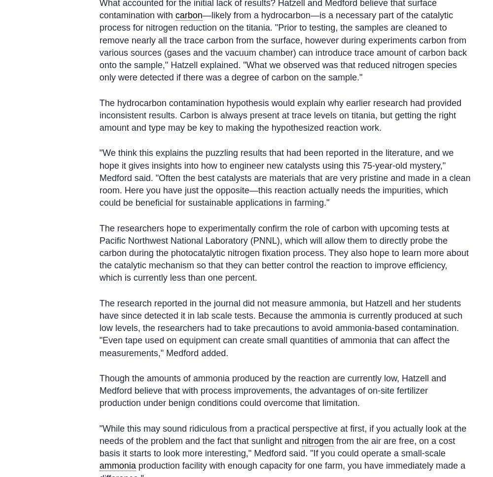  What do you see at coordinates (282, 46) in the screenshot?
I see `'—likely from a hydrocarbon—is a necessary part of the catalytic process for nitrogen reduction on the titania. "Prior to testing, the samples are cleaned to remove nearly all the trace carbon from the surface, however during experiments carbon from various sources (gases and the vacuum chamber) can introduce trace amount of carbon back onto the sample," Hatzell explained. "What we observed was that reduced nitrogen species only were detected if there was a degree of carbon on the sample."'` at bounding box center [282, 46].